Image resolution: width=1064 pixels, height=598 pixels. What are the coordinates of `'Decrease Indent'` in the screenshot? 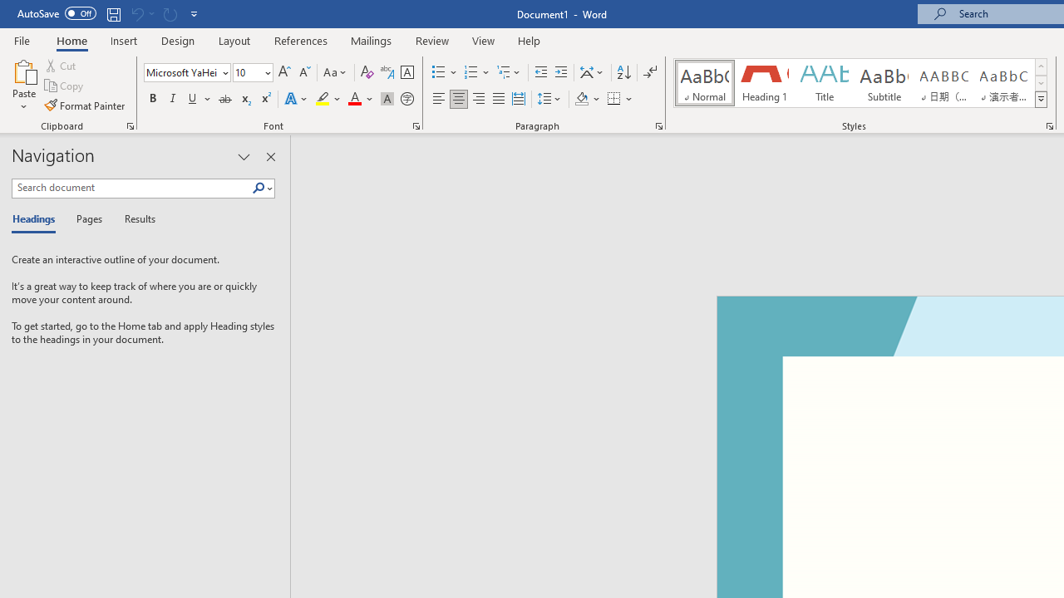 It's located at (540, 71).